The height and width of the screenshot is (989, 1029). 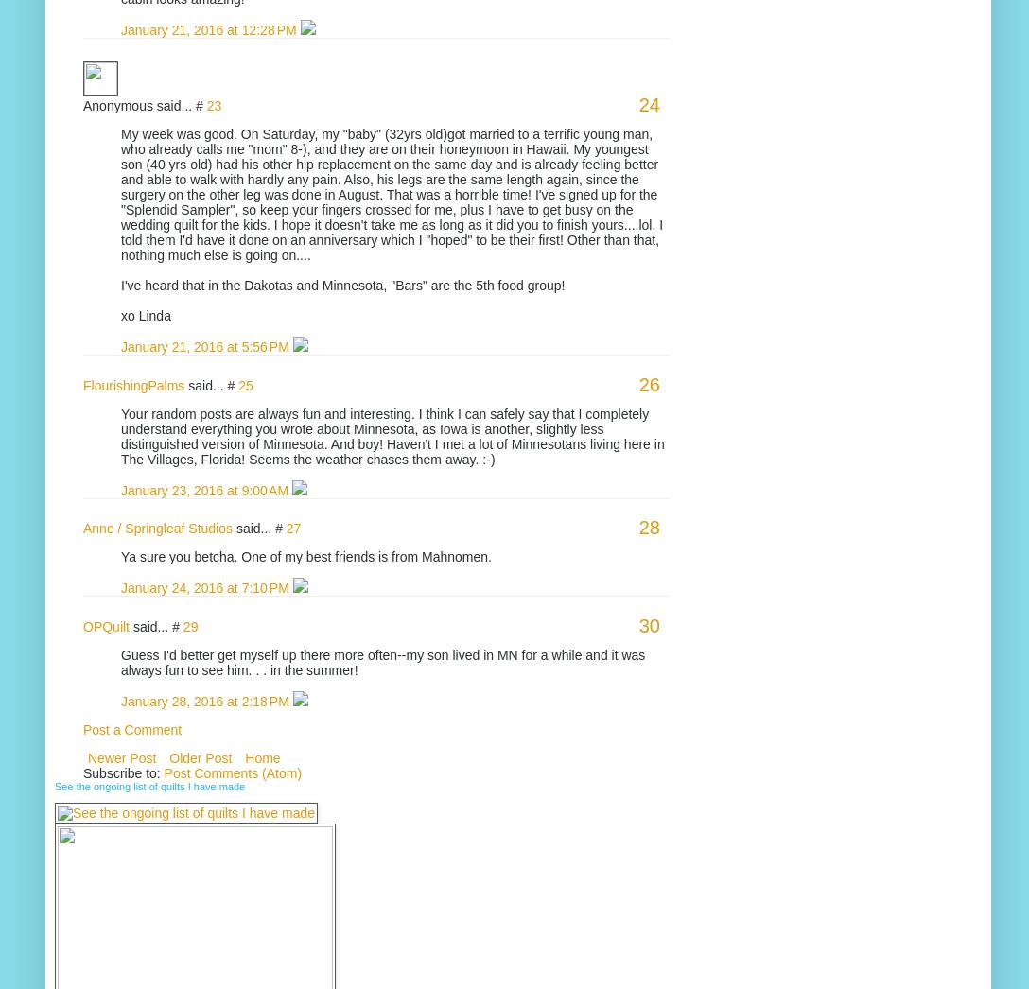 What do you see at coordinates (231, 772) in the screenshot?
I see `'Post Comments (Atom)'` at bounding box center [231, 772].